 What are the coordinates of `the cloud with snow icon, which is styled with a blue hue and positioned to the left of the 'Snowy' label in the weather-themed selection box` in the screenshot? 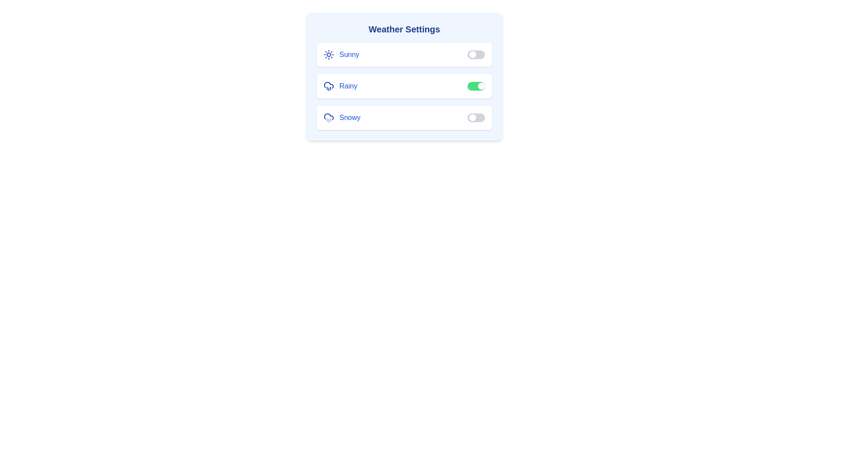 It's located at (328, 117).